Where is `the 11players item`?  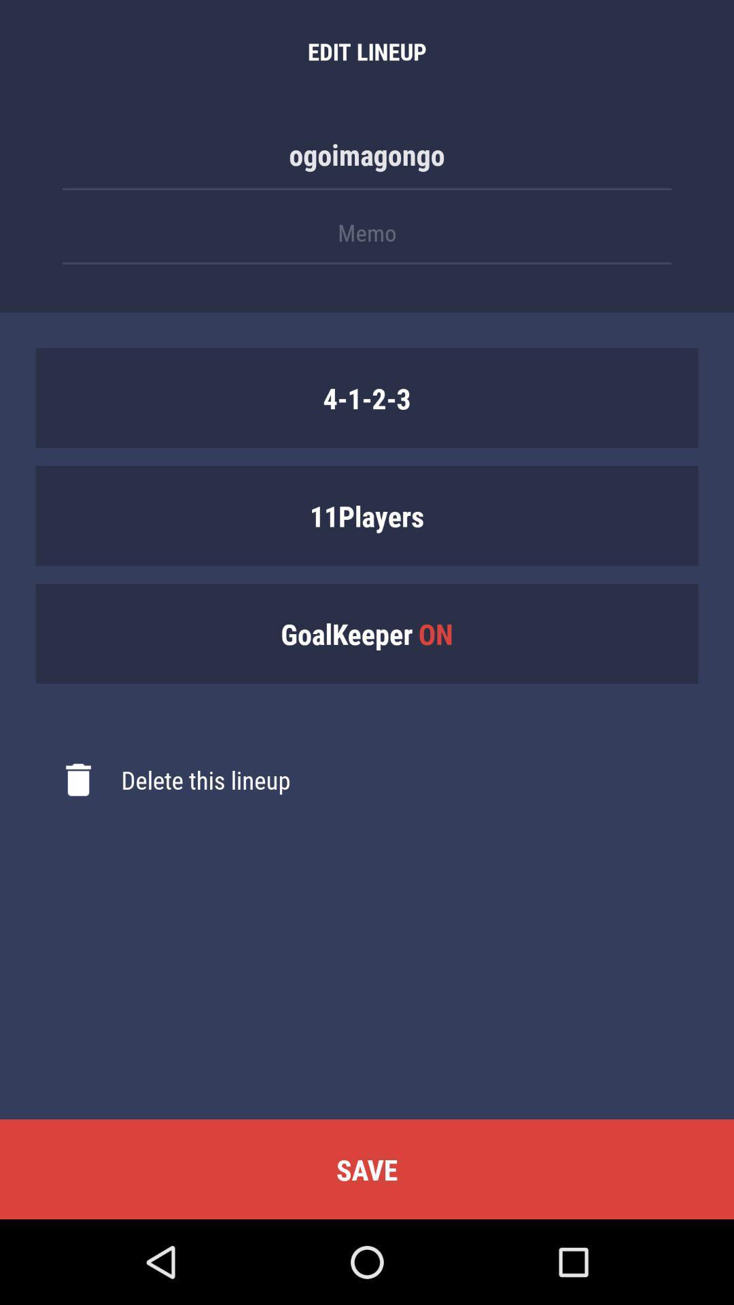
the 11players item is located at coordinates (367, 515).